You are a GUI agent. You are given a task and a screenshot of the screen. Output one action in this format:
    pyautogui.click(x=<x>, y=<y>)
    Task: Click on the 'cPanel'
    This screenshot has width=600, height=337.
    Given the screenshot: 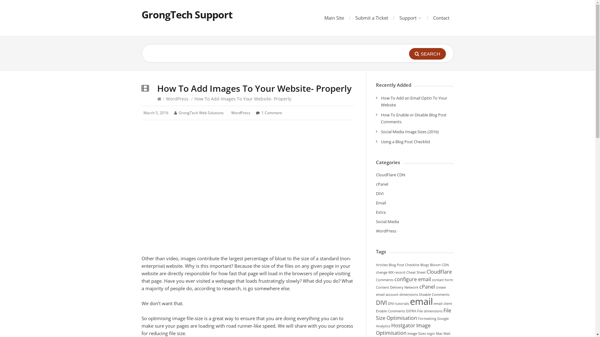 What is the action you would take?
    pyautogui.click(x=427, y=286)
    